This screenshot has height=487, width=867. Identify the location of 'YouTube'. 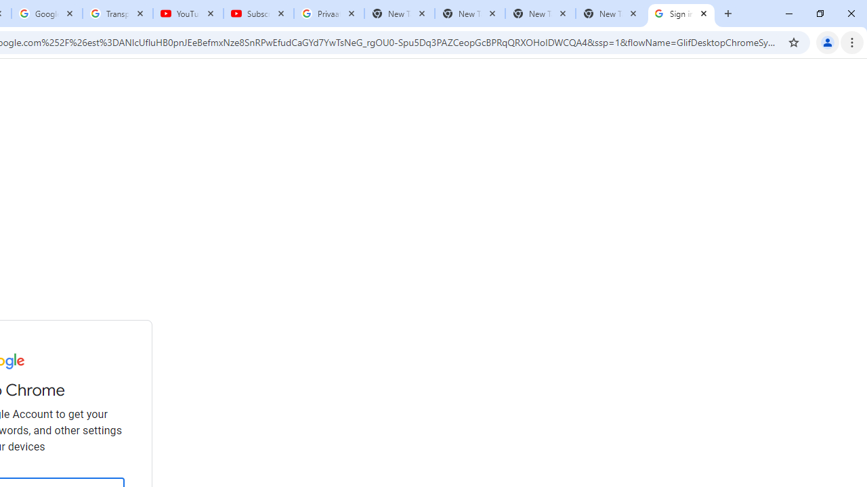
(188, 14).